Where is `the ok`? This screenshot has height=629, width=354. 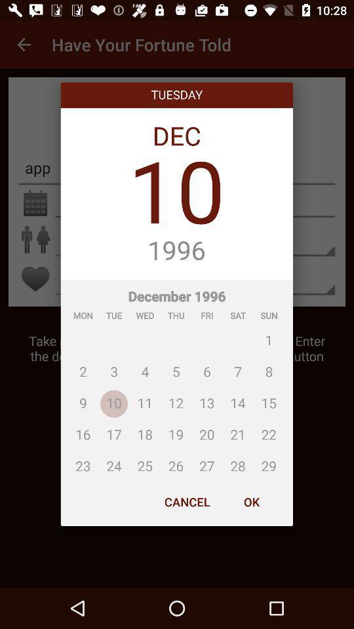
the ok is located at coordinates (251, 501).